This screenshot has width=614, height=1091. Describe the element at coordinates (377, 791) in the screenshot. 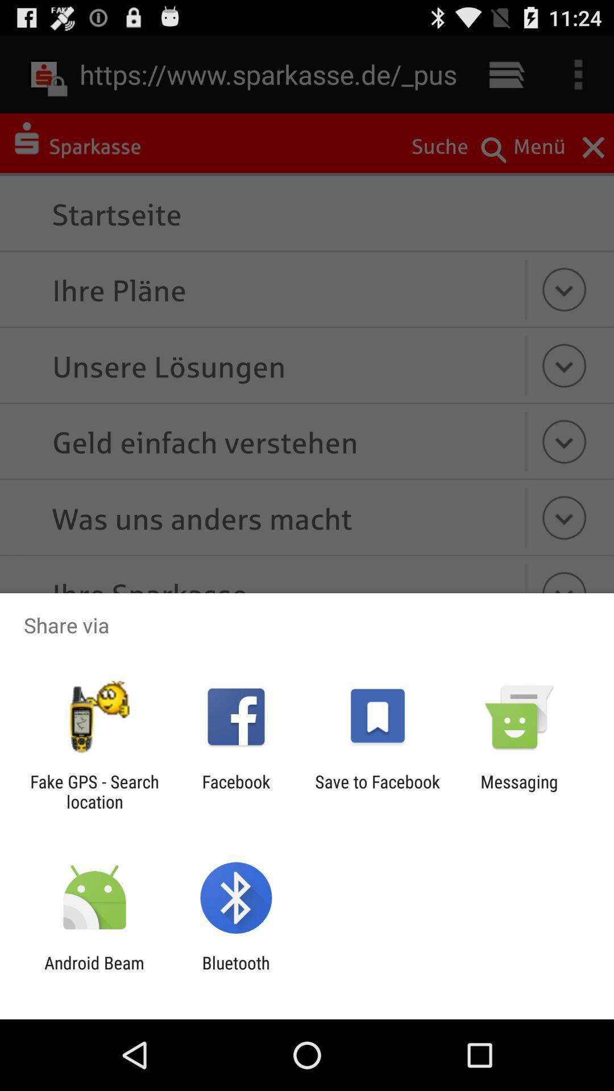

I see `save to facebook` at that location.